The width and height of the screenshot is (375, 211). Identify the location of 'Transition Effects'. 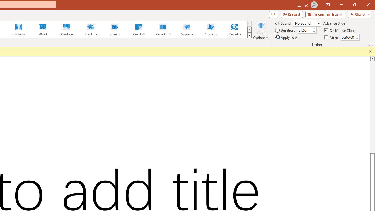
(249, 35).